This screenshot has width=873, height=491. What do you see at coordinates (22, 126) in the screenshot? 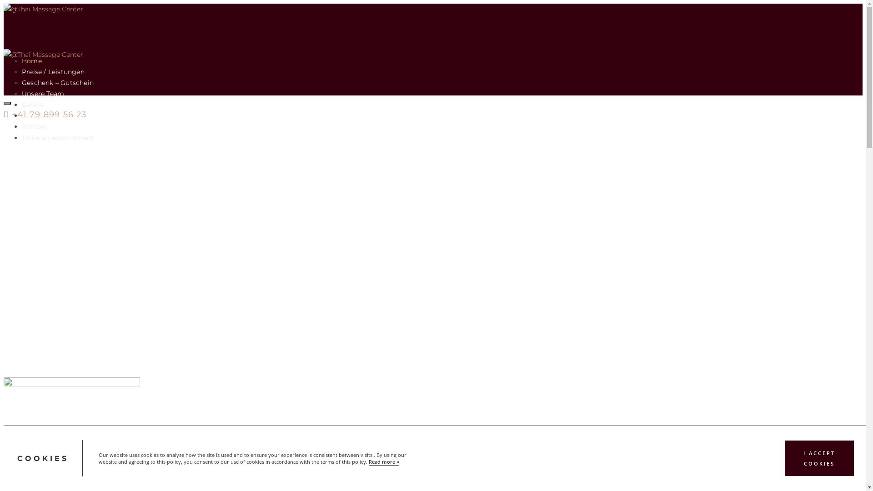
I see `'Kontakt'` at bounding box center [22, 126].